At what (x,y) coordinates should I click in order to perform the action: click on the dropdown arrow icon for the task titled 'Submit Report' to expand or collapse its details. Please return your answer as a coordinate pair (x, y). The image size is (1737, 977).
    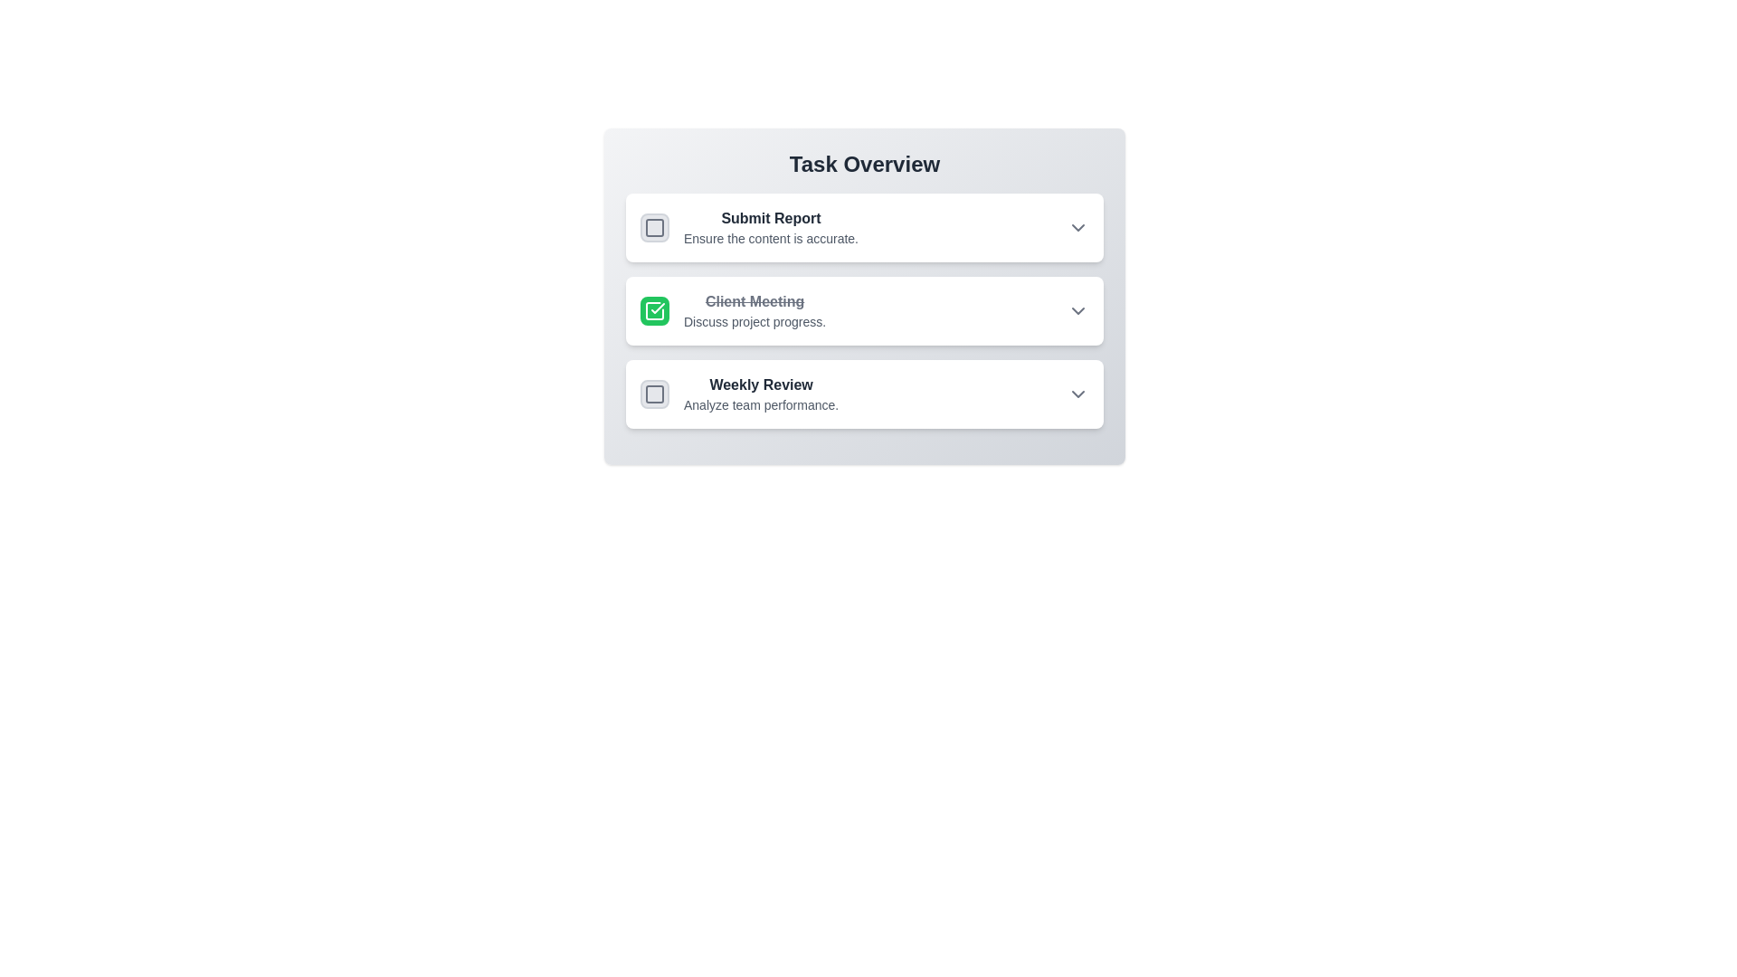
    Looking at the image, I should click on (1077, 226).